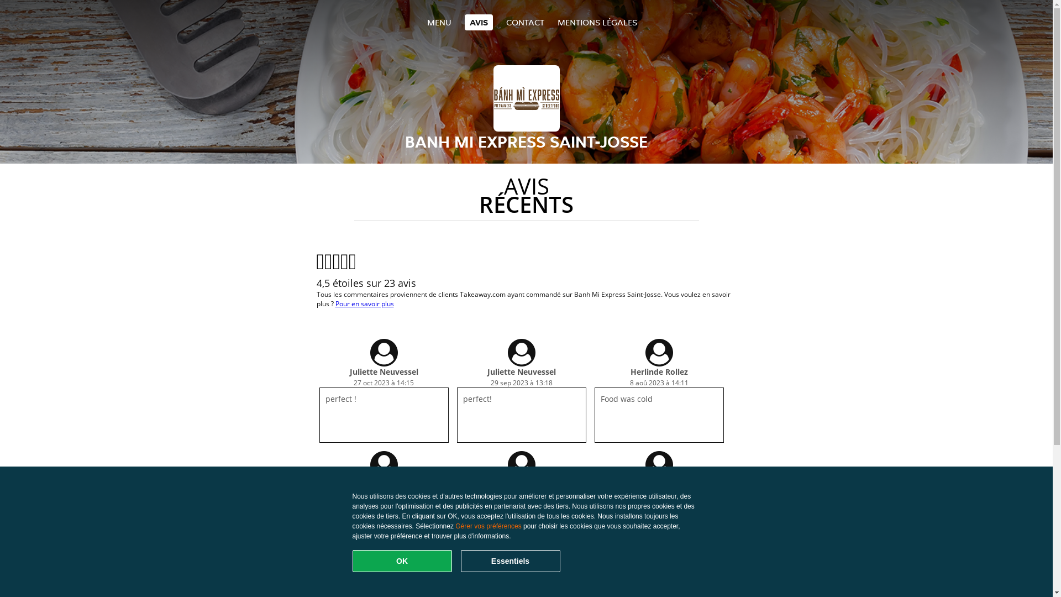  Describe the element at coordinates (478, 22) in the screenshot. I see `'AVIS'` at that location.